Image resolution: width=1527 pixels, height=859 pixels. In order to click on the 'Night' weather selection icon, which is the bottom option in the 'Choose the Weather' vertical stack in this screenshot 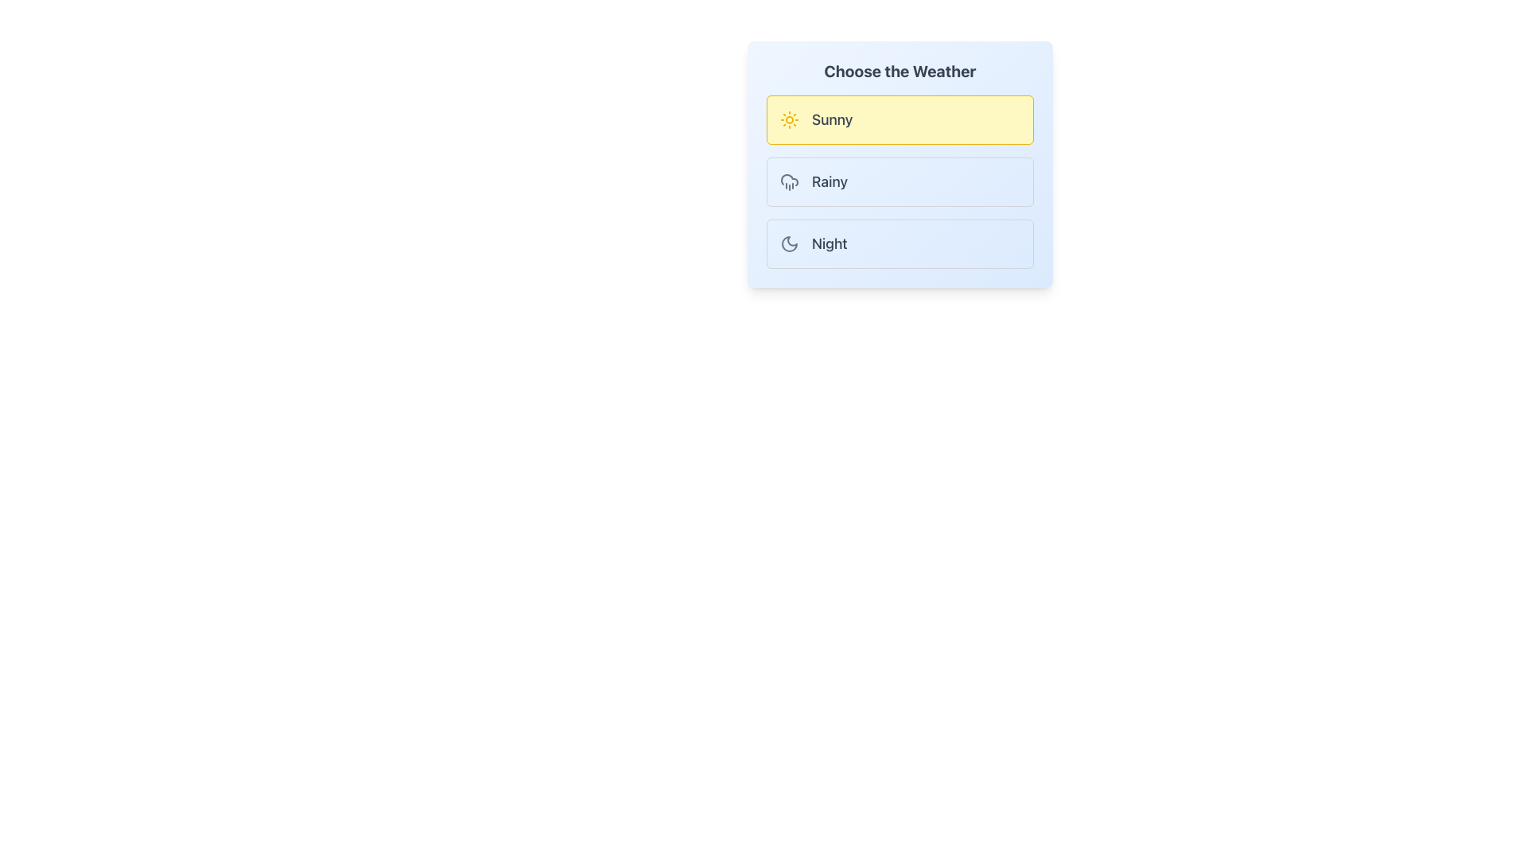, I will do `click(790, 244)`.